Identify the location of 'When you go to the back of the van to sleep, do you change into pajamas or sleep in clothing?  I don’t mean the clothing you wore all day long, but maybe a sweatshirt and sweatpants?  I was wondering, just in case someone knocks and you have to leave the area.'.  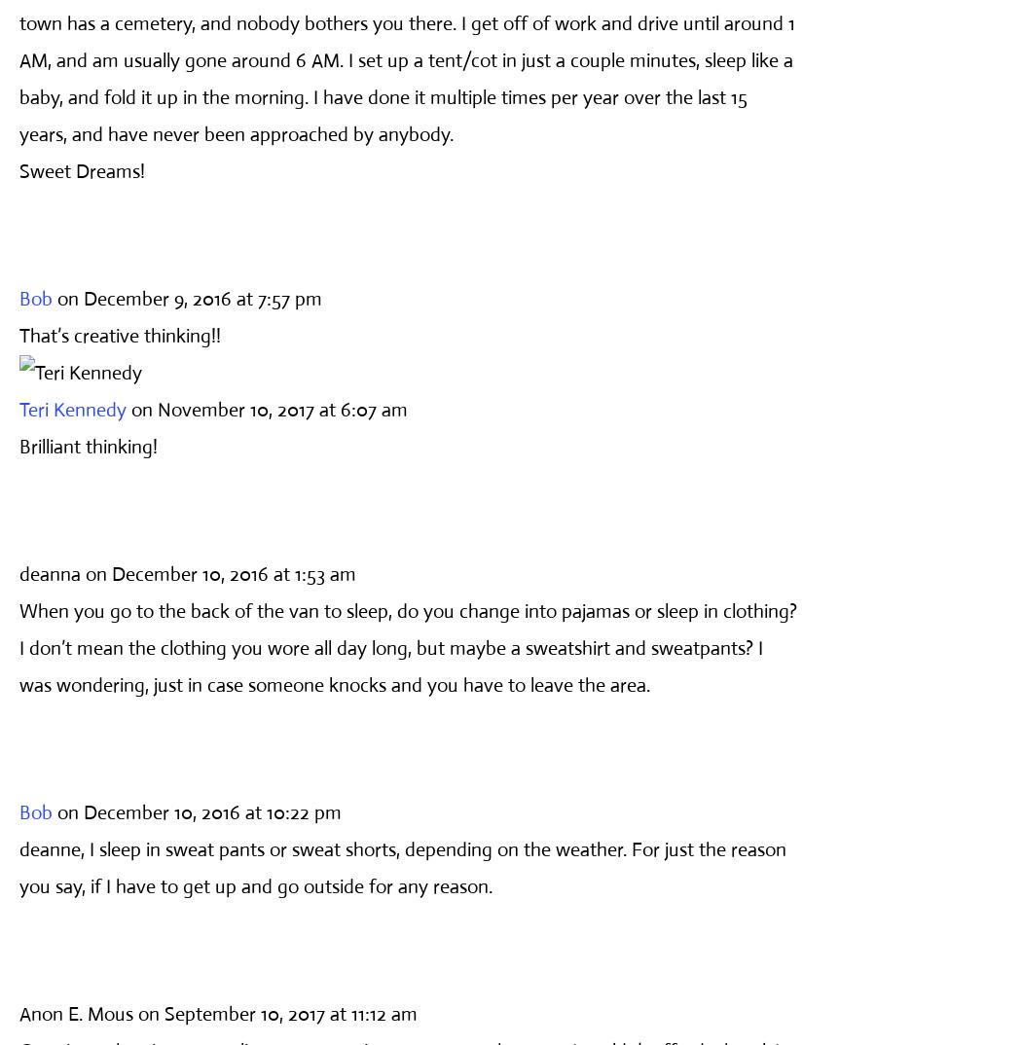
(407, 646).